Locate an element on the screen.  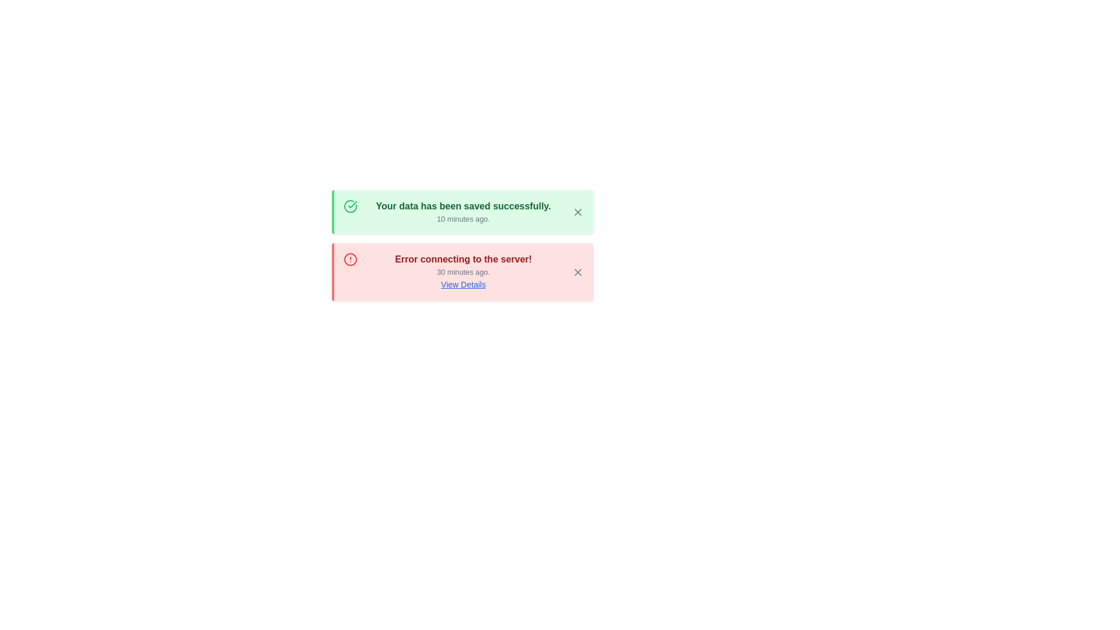
the 'X' icon in the top-right corner of the green notification message panel is located at coordinates (577, 212).